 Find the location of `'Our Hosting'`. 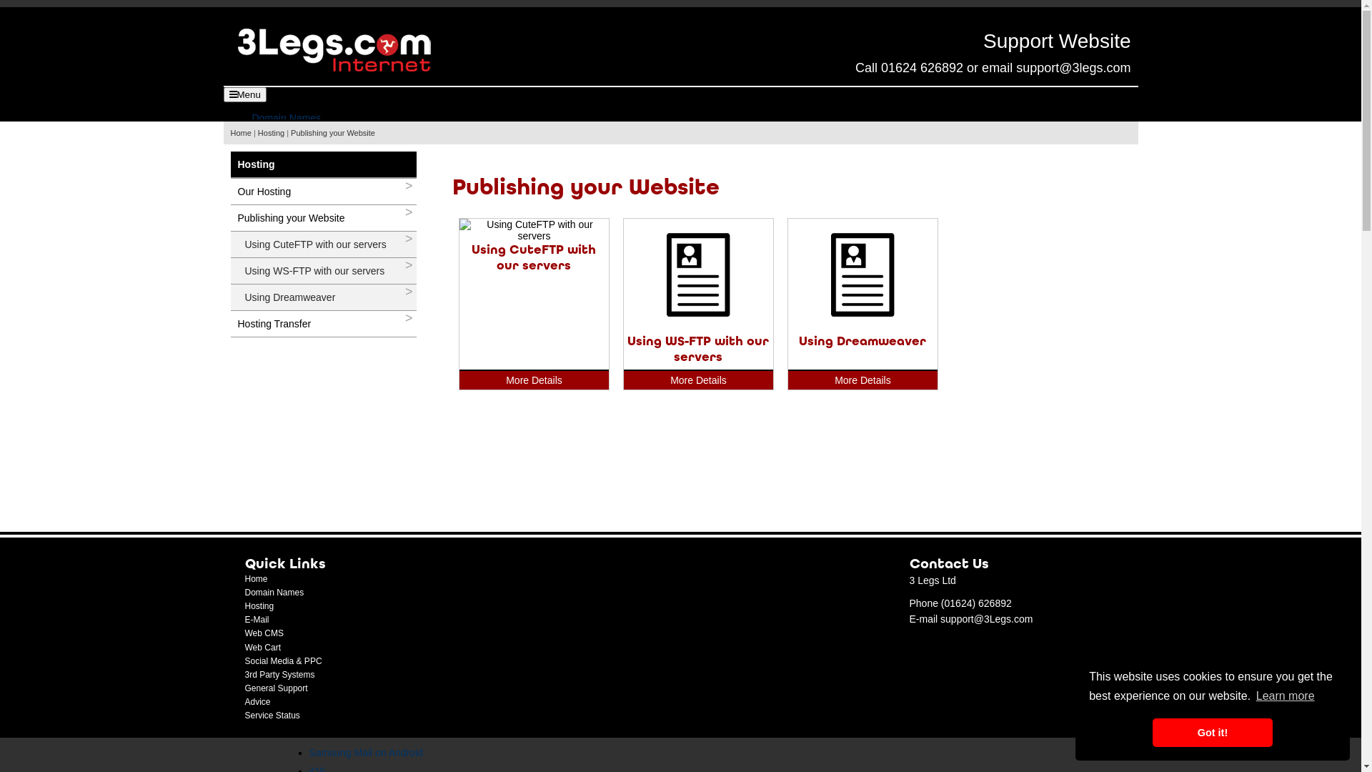

'Our Hosting' is located at coordinates (322, 190).